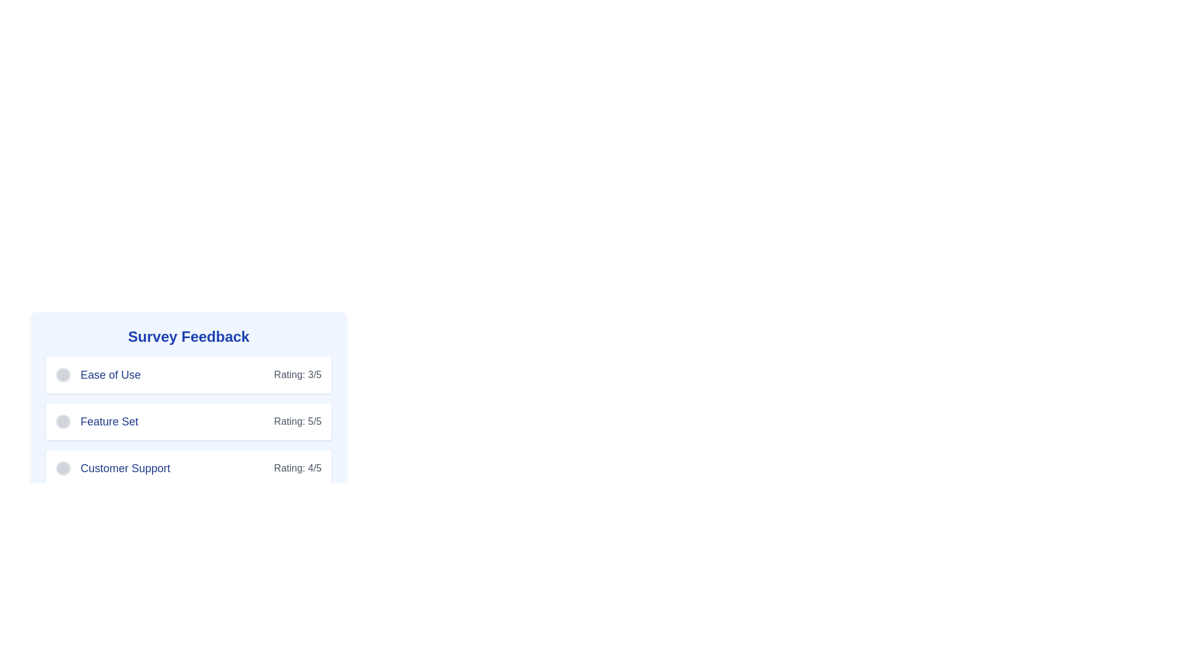  What do you see at coordinates (113, 468) in the screenshot?
I see `the circular icon of the third feedback item for 'Customer Support' in the survey feedback section` at bounding box center [113, 468].